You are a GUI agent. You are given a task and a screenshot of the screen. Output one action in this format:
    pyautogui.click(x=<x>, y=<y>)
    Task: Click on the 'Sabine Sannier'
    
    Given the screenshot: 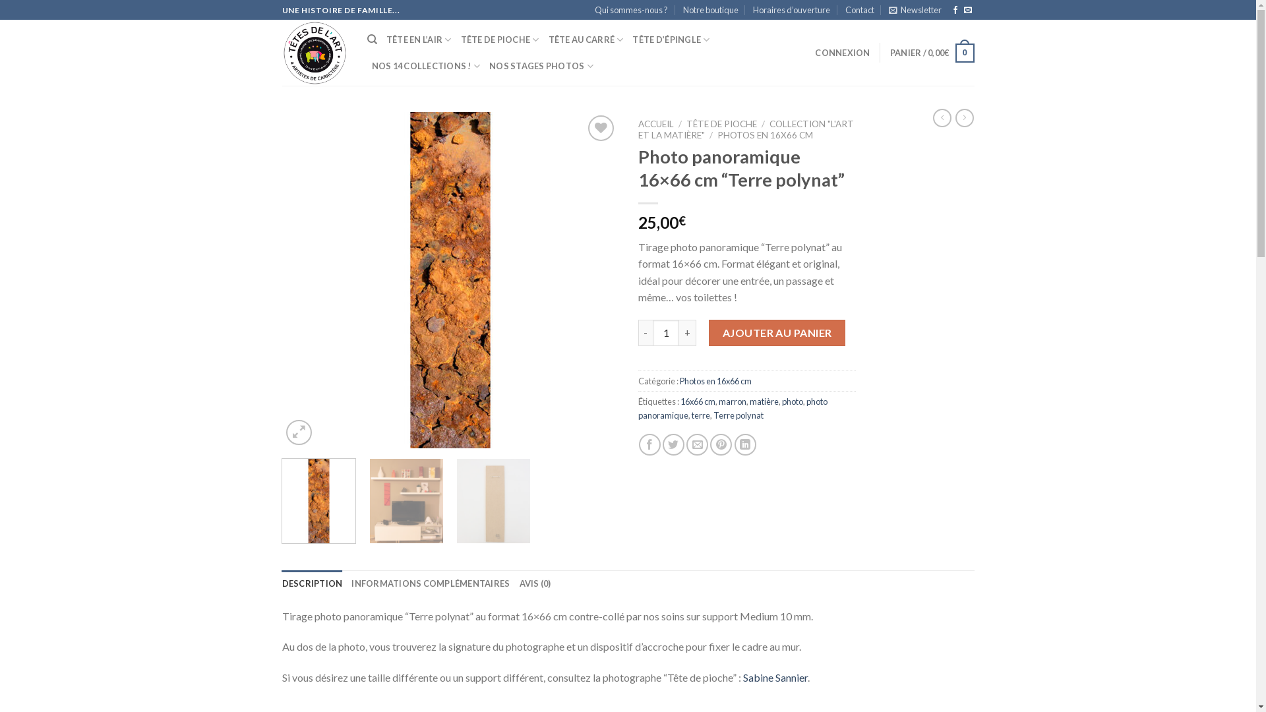 What is the action you would take?
    pyautogui.click(x=775, y=677)
    